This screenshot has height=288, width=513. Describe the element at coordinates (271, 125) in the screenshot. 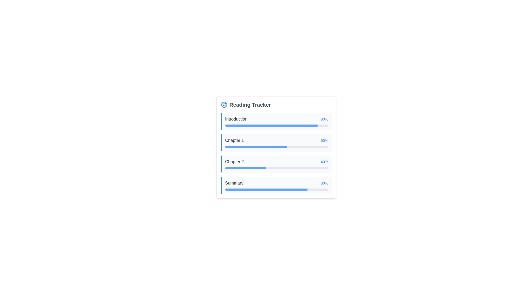

I see `styles of the blue fill segment of the progress bar indicating 90% completion for the 'Introduction' section in the 'Reading Tracker'` at that location.